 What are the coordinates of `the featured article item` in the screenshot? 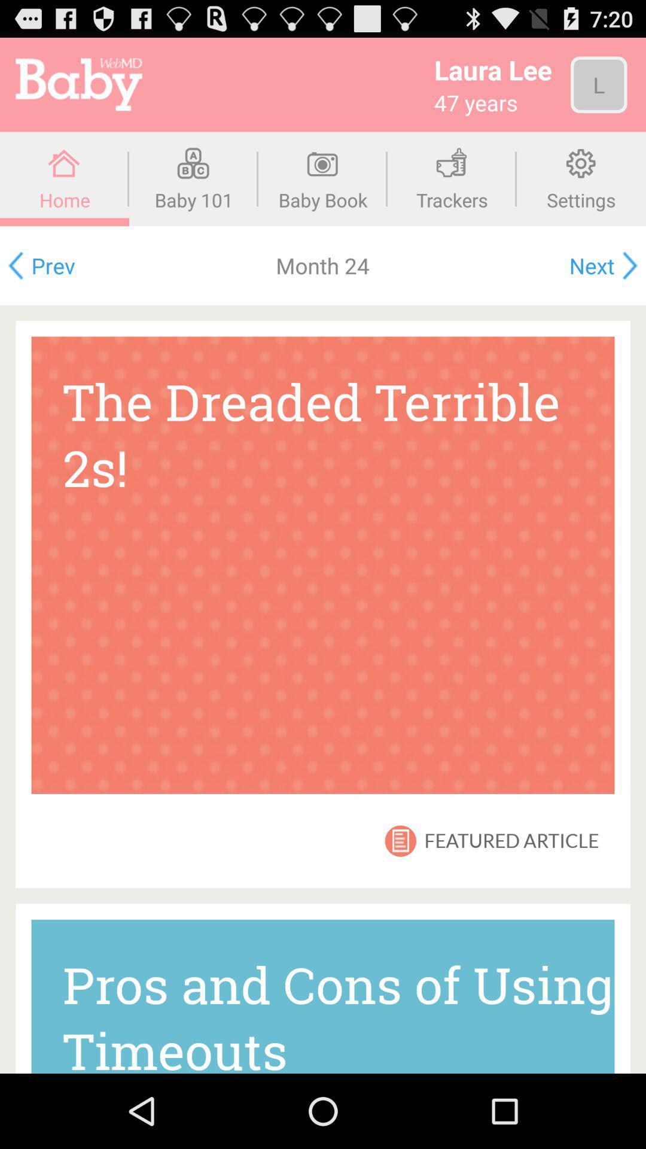 It's located at (511, 840).